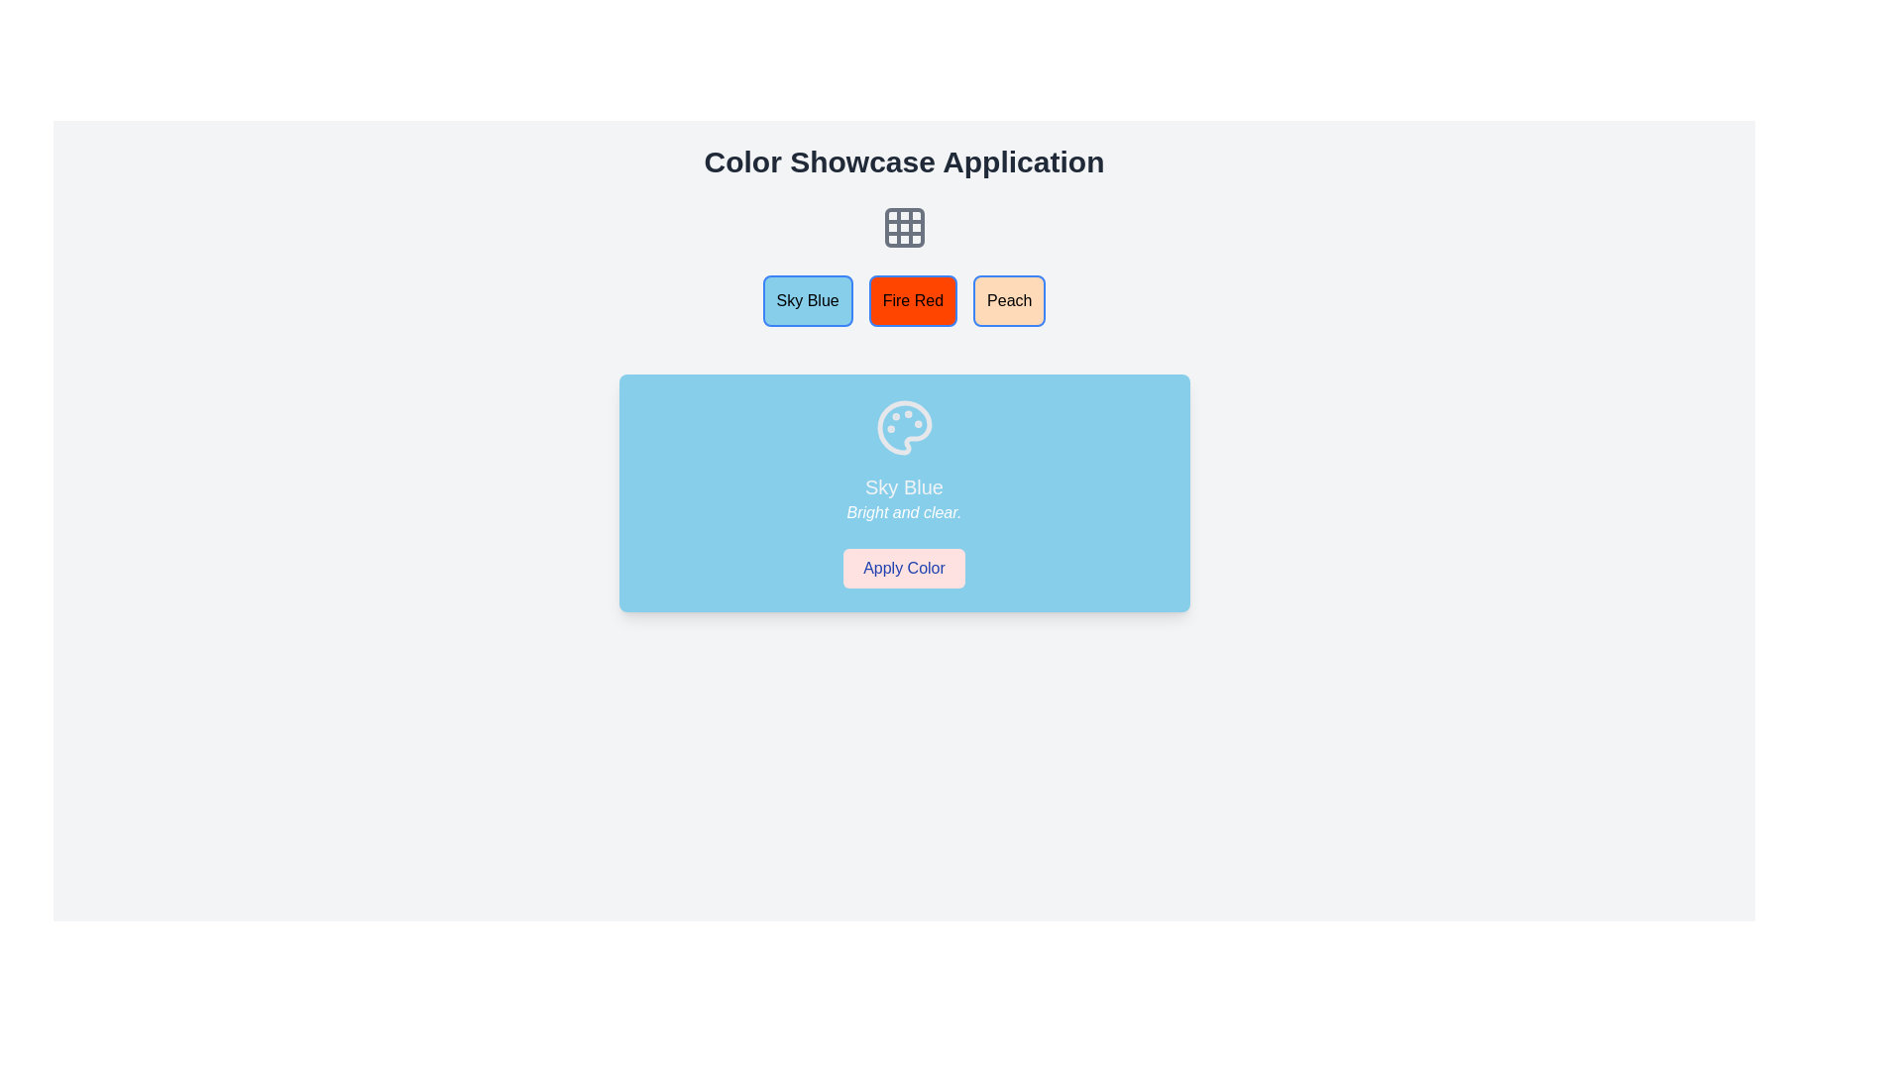 The width and height of the screenshot is (1903, 1070). I want to click on the Decorative icon that serves as a visual indicator for the 'Sky Blue' themed card, positioned above the text and button within the blue card component, so click(903, 427).